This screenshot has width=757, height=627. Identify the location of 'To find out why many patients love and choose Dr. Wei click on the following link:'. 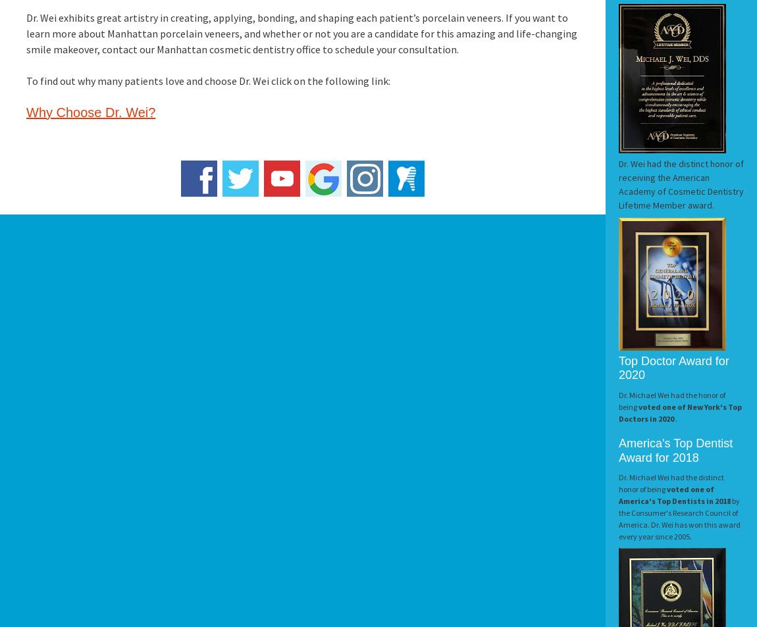
(26, 80).